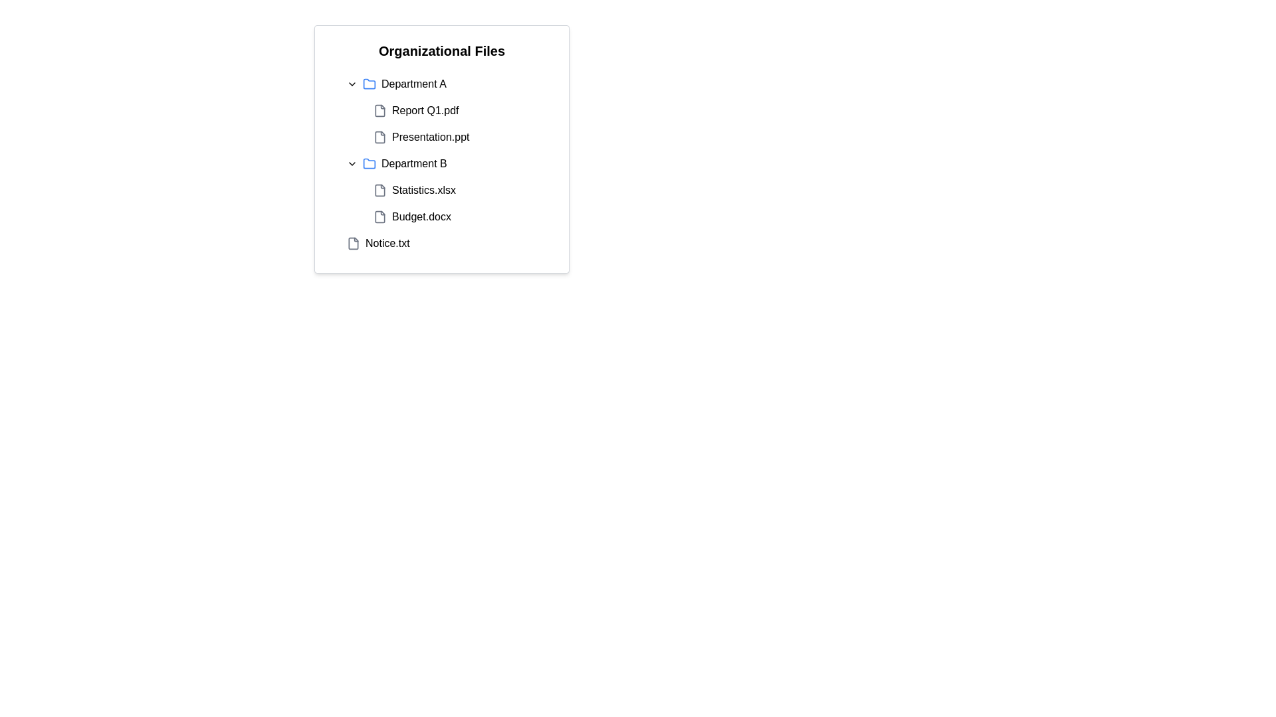  I want to click on the 'Department B' label in the hierarchical folder structure, so click(413, 163).